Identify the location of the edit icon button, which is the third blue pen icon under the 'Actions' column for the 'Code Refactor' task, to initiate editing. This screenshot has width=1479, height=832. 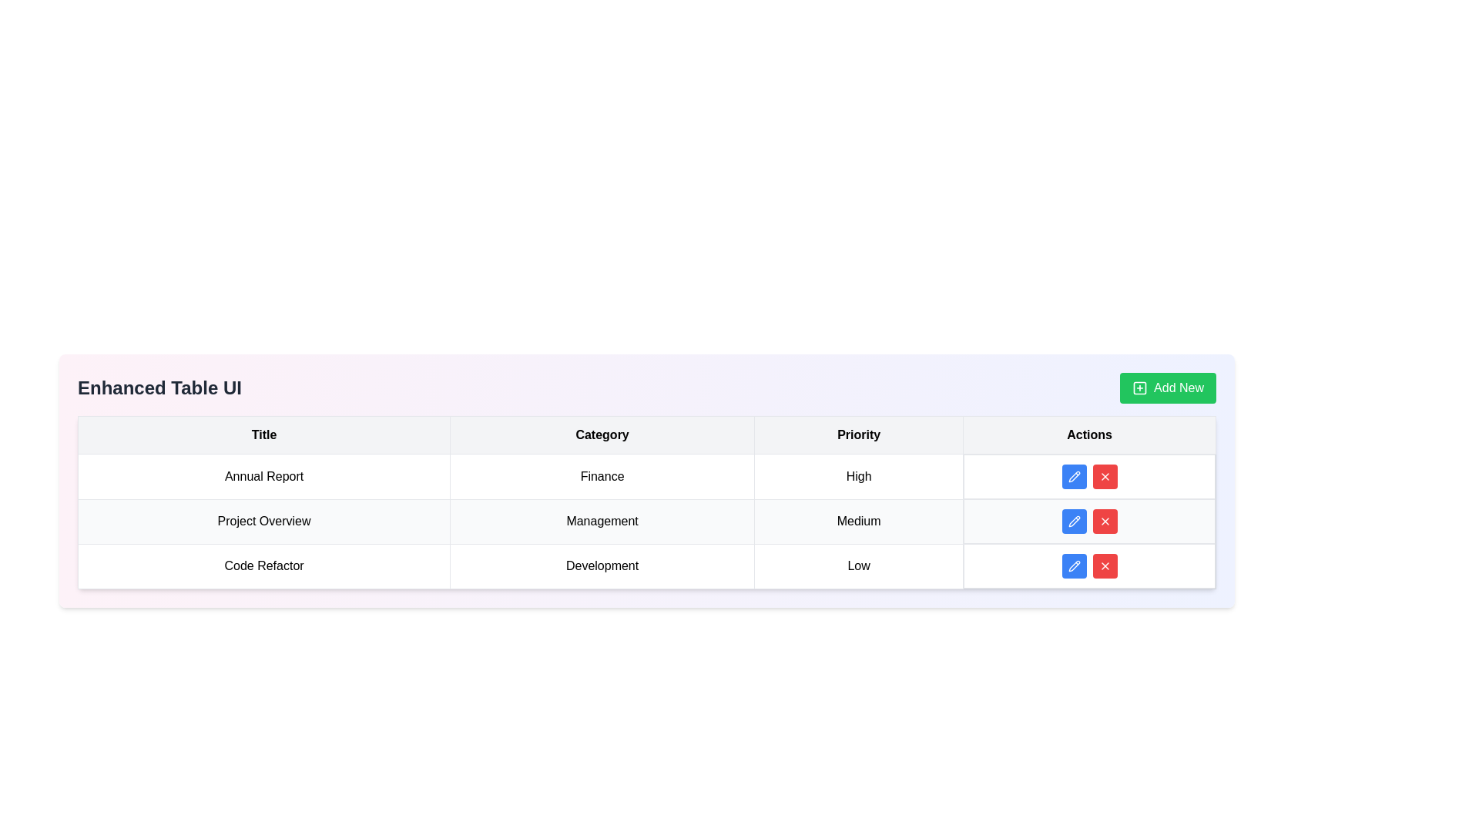
(1073, 566).